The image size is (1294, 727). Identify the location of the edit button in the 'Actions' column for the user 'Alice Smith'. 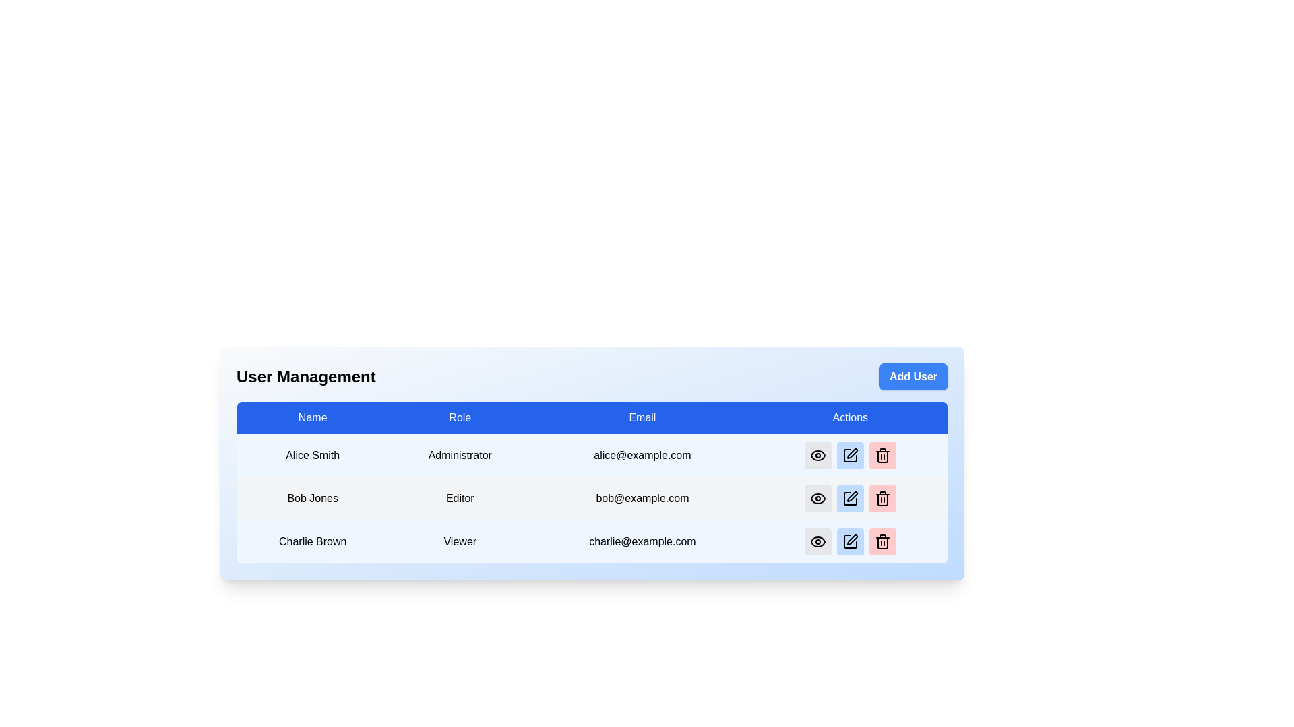
(850, 455).